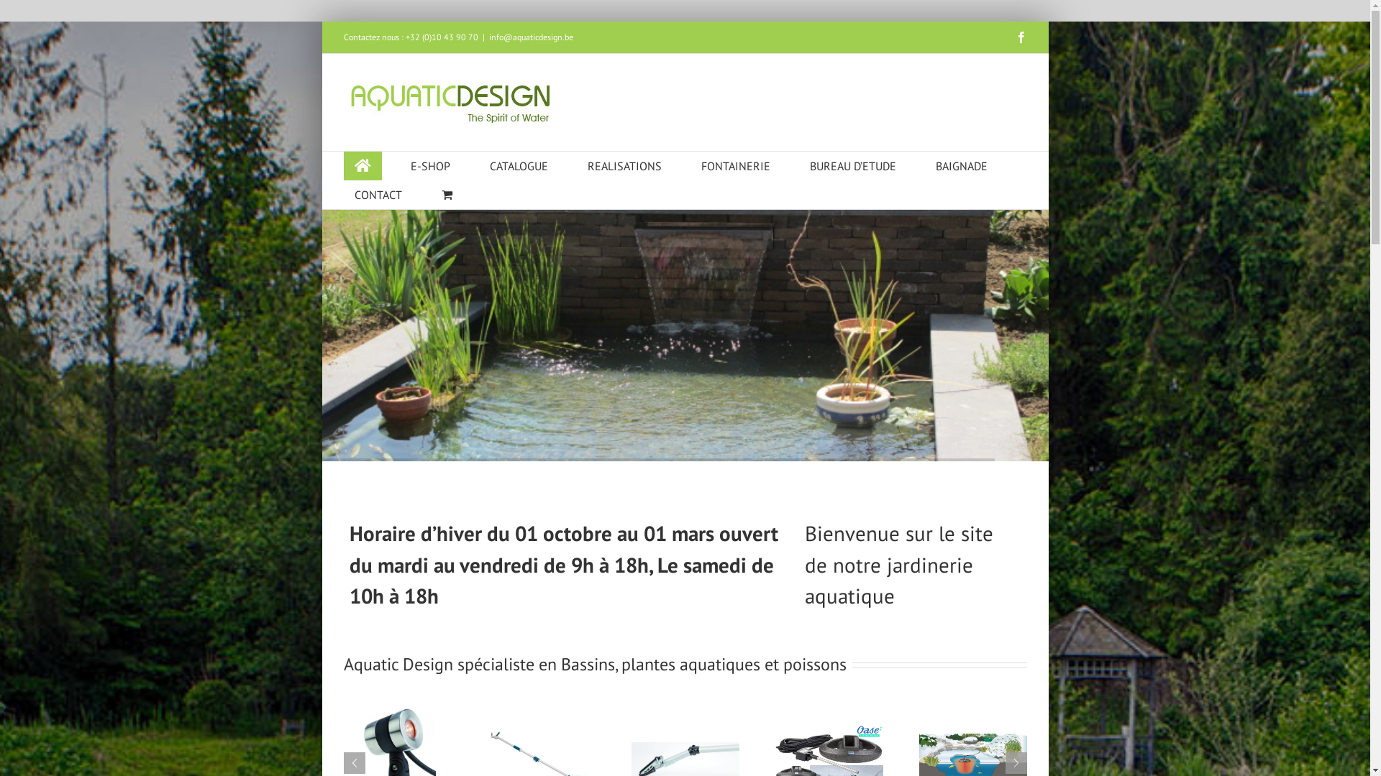 This screenshot has height=776, width=1381. What do you see at coordinates (489, 36) in the screenshot?
I see `'info@aquaticdesign.be'` at bounding box center [489, 36].